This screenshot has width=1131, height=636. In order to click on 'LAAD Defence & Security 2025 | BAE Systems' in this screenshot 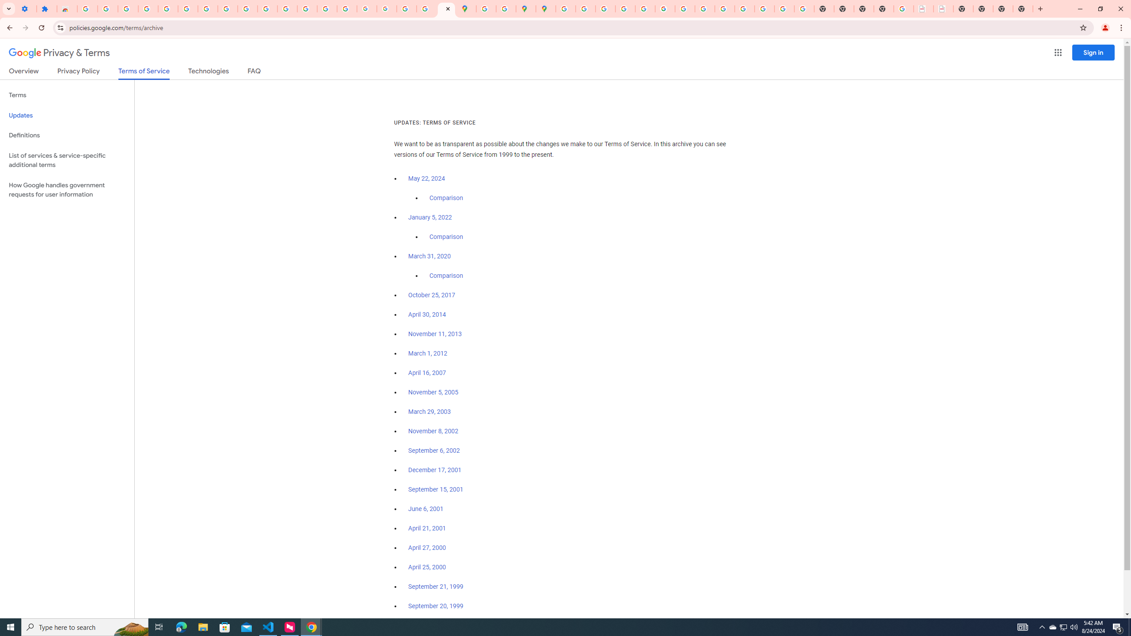, I will do `click(923, 8)`.